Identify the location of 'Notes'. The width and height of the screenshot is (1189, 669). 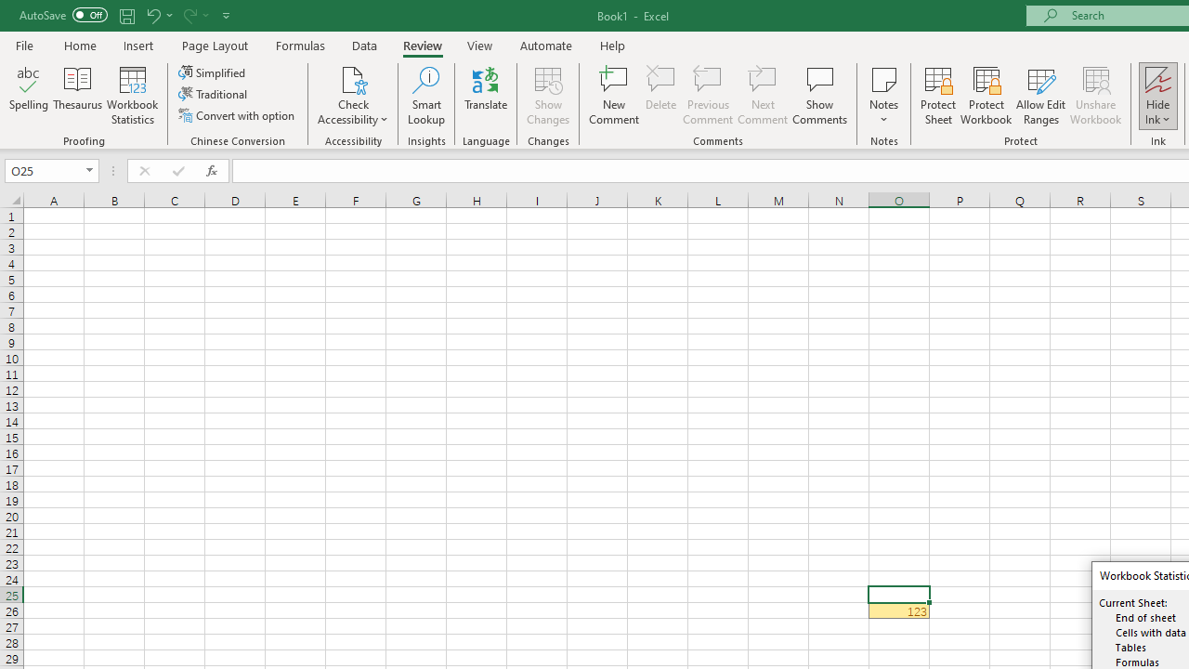
(882, 96).